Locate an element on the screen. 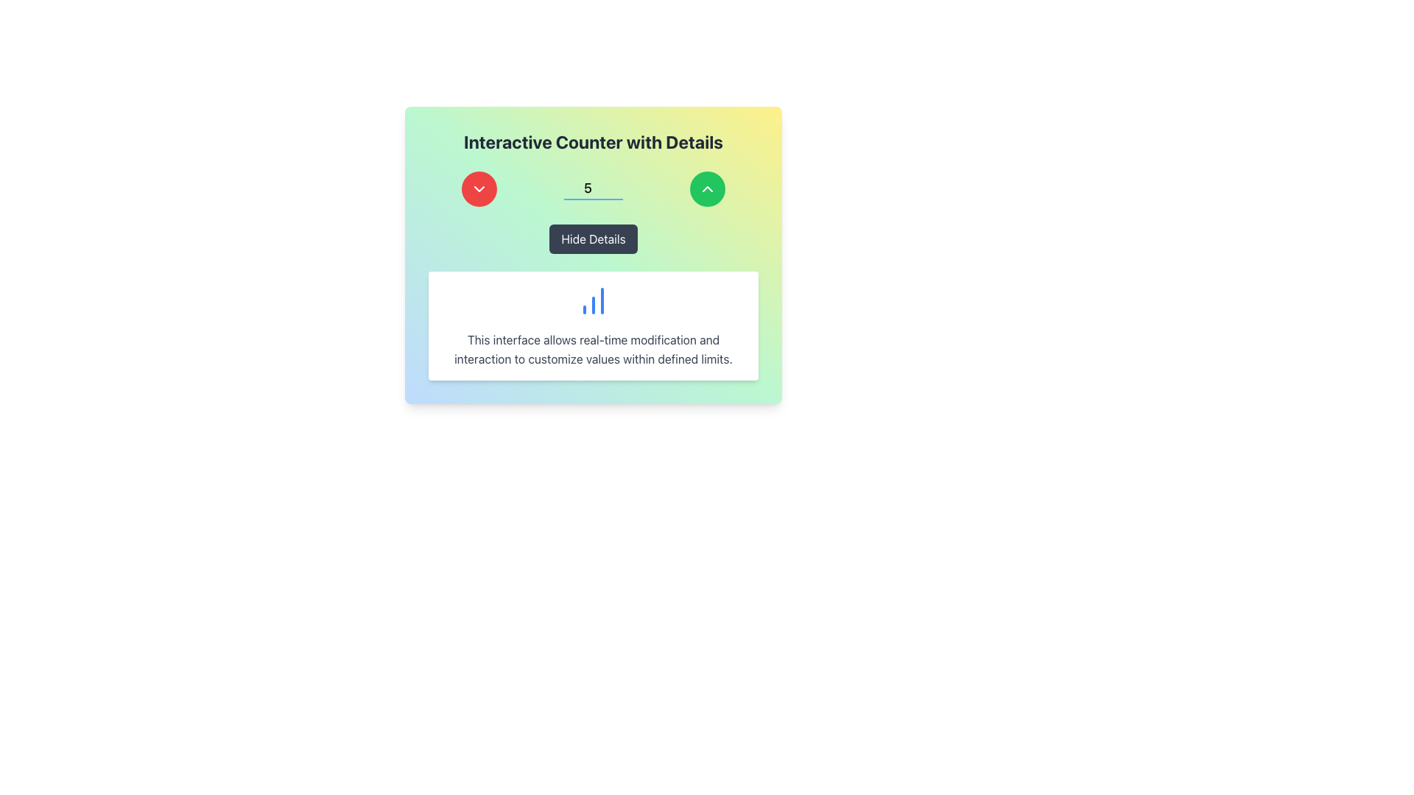 Image resolution: width=1414 pixels, height=795 pixels. the vertical bar chart-like icon, which consists of three solid blue bars aligned vertically, located in the top center of the white rectangular section above the descriptive text and below the 'Hide Details' button is located at coordinates (594, 300).